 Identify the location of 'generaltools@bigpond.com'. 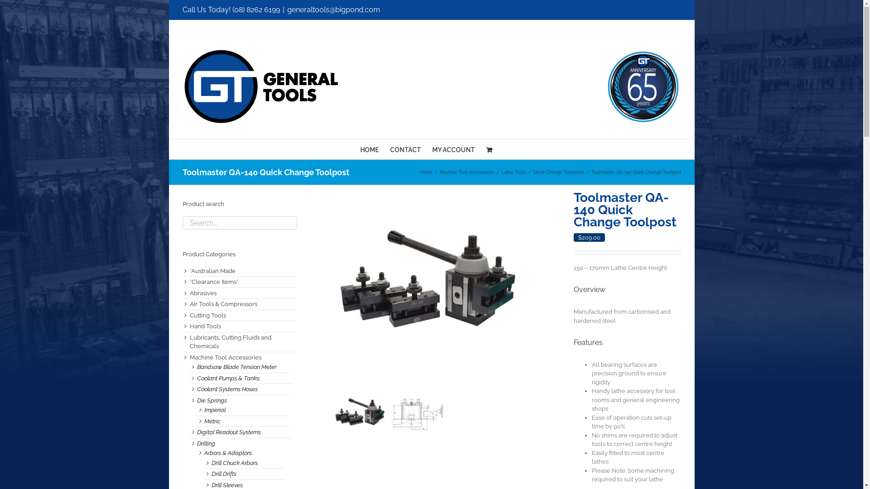
(286, 10).